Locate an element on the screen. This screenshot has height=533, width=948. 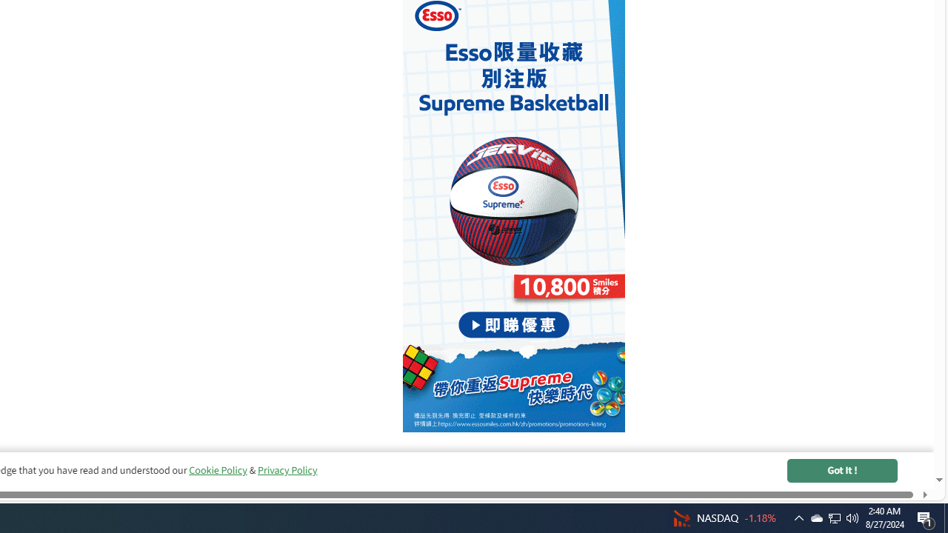
'Got It !' is located at coordinates (842, 471).